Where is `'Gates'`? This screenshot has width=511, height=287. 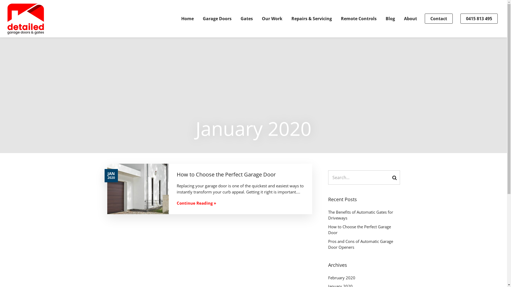
'Gates' is located at coordinates (246, 18).